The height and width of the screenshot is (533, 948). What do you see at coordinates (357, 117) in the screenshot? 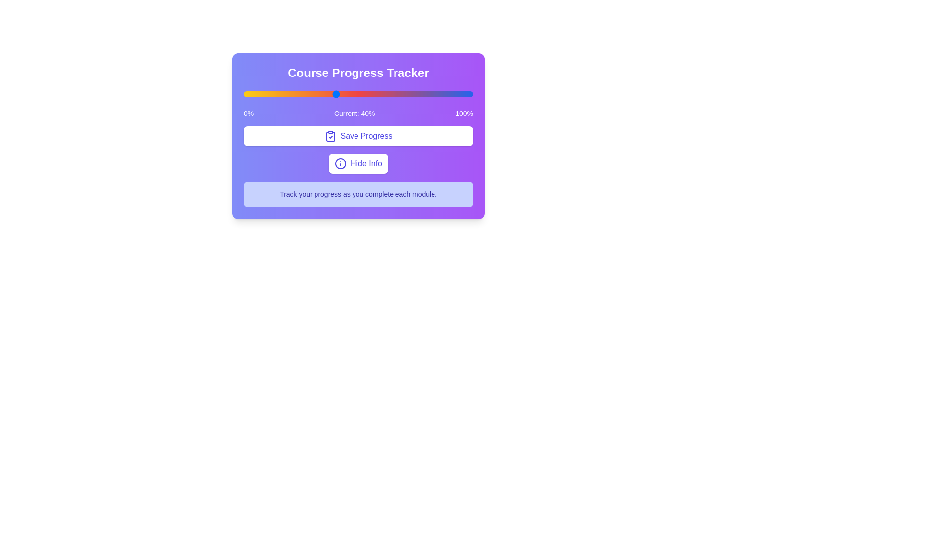
I see `the slider of the progress bar, which visually represents 40% completion, to adjust the value` at bounding box center [357, 117].